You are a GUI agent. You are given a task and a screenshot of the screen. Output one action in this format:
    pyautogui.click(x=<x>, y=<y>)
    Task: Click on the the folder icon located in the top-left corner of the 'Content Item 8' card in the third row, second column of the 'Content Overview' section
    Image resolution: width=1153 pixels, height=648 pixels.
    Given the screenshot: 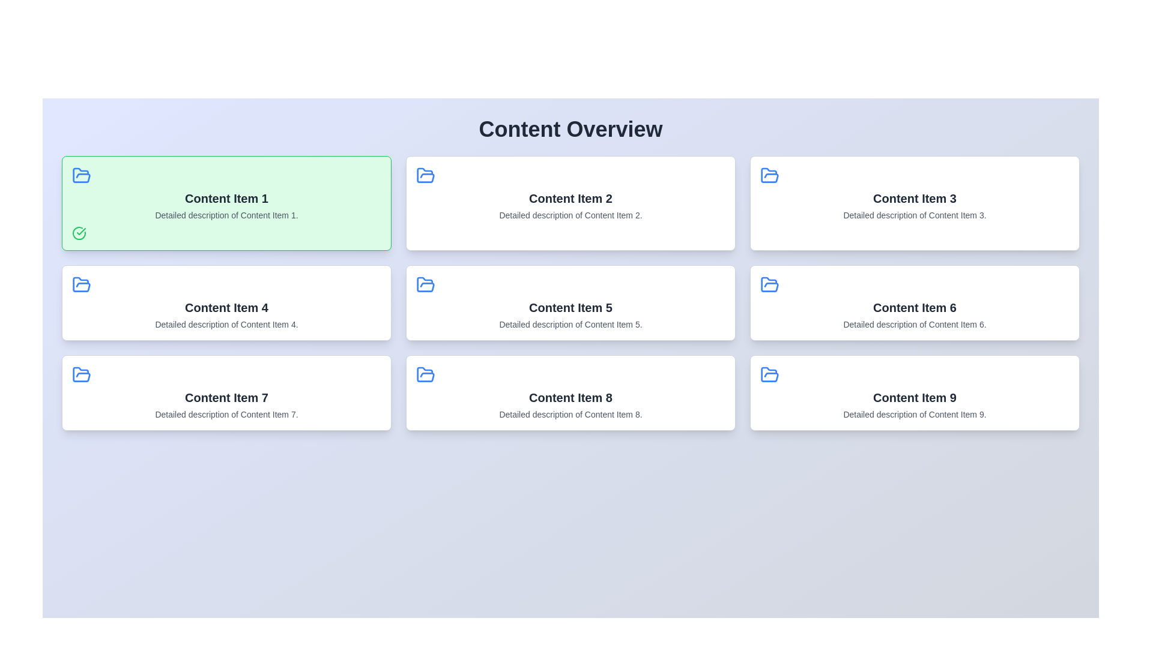 What is the action you would take?
    pyautogui.click(x=426, y=374)
    